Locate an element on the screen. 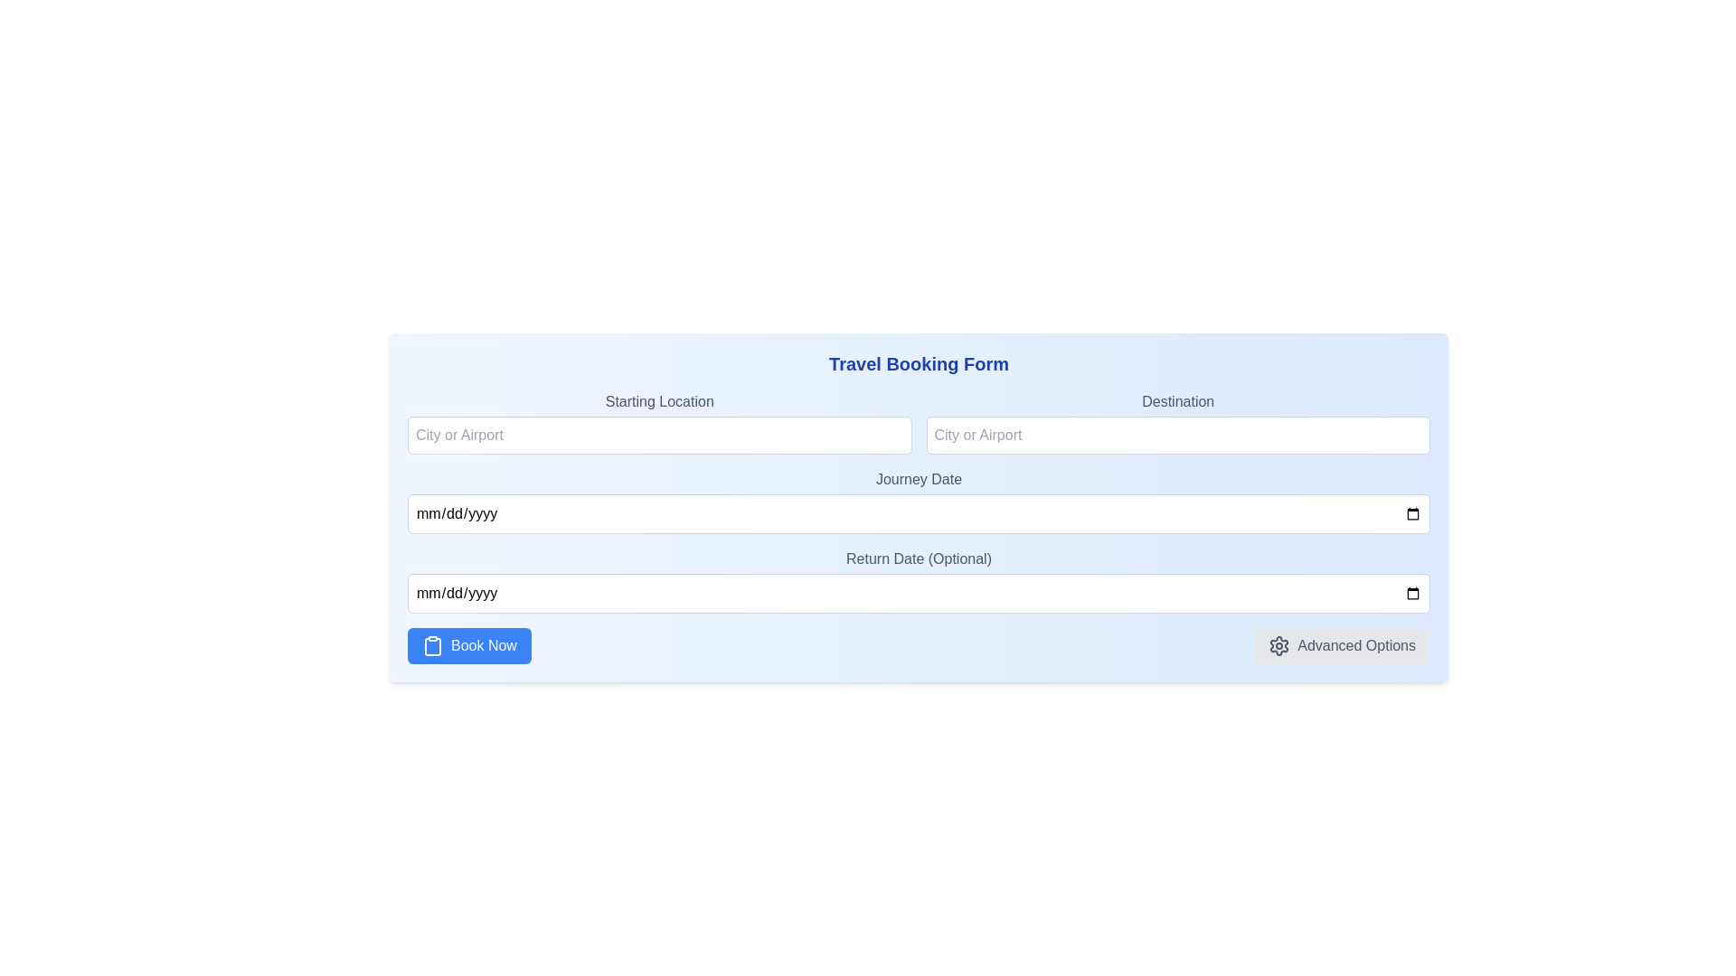  the date input field styled as a date picker, positioned below the 'Return Date (Optional)' label, using the keyboard is located at coordinates (919, 593).